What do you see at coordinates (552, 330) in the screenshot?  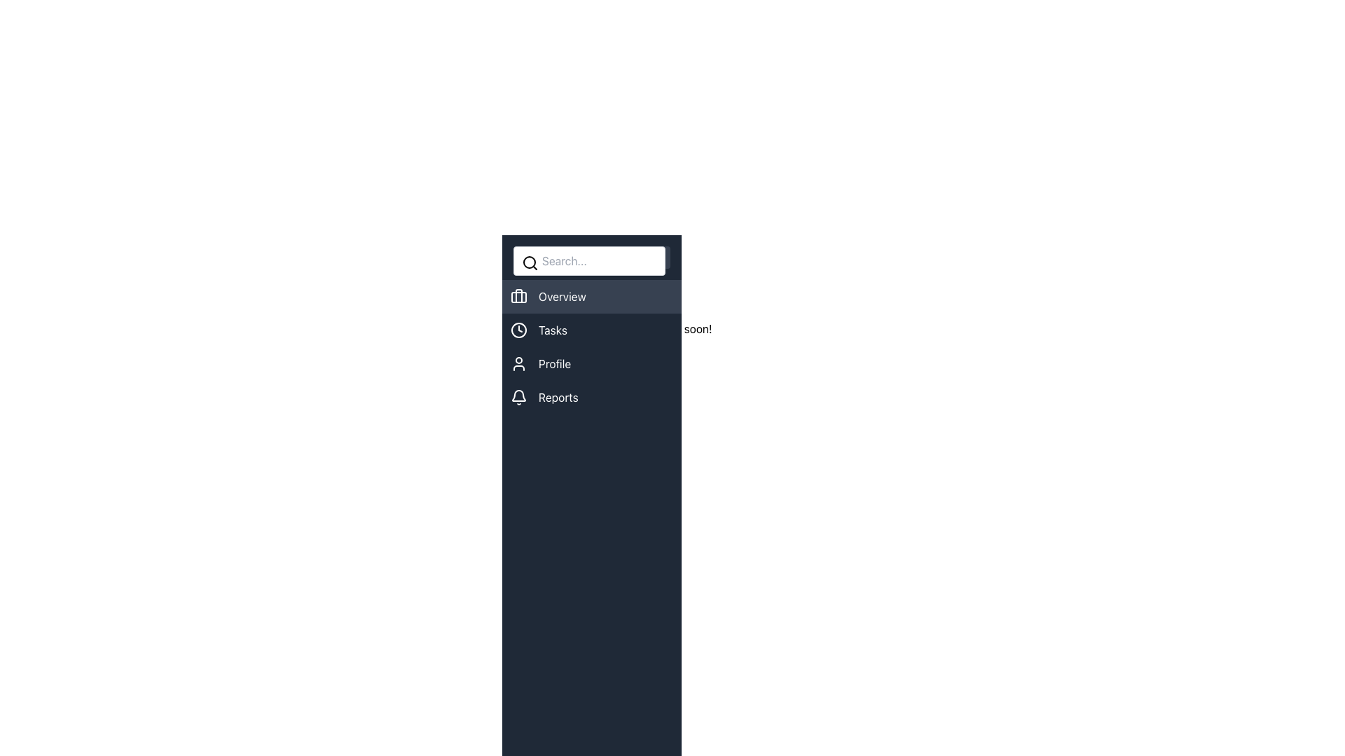 I see `the 'Tasks' label in the sidebar navigation, which is the second item in the list, displayed in white text on a dark background` at bounding box center [552, 330].